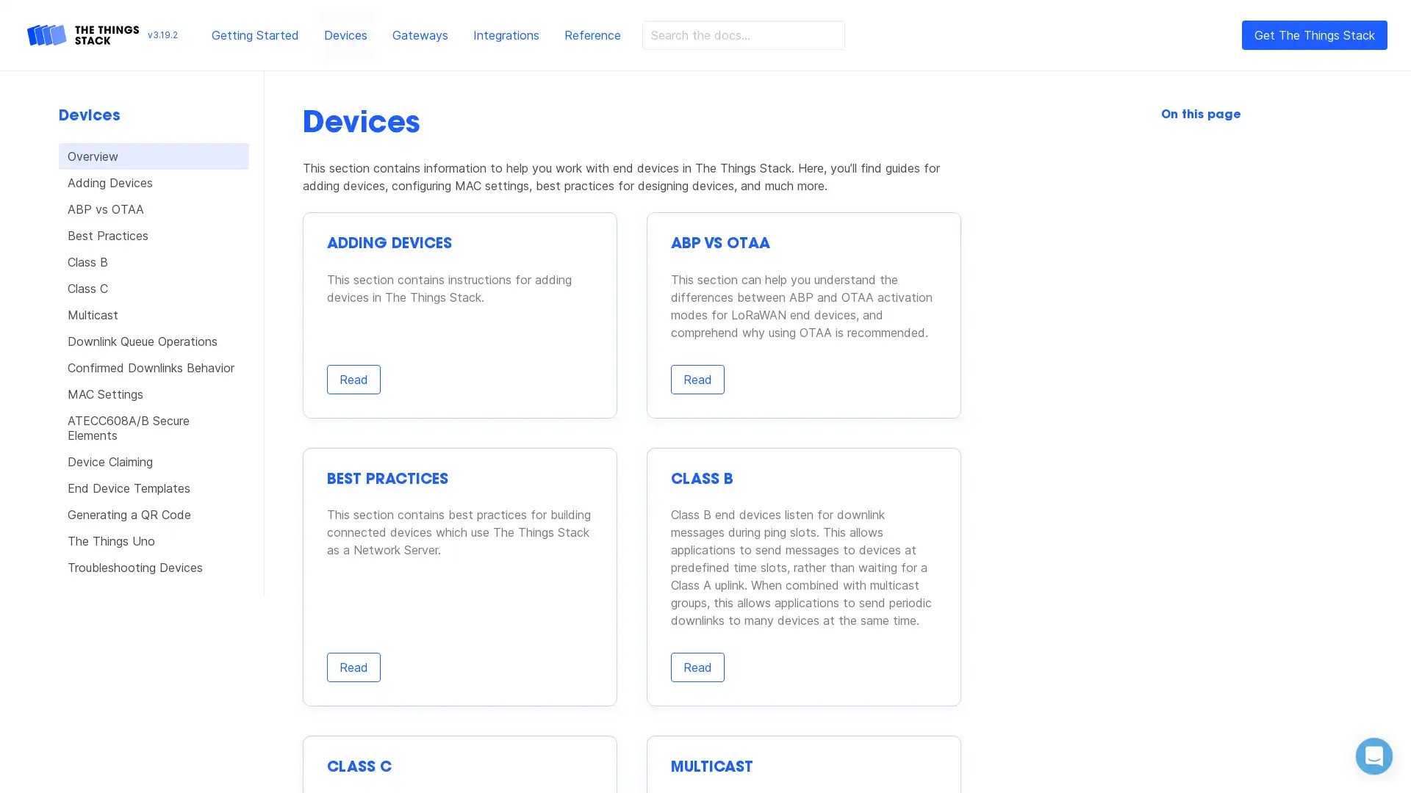 Image resolution: width=1411 pixels, height=793 pixels. Describe the element at coordinates (1374, 756) in the screenshot. I see `Open Intercom Messenger` at that location.